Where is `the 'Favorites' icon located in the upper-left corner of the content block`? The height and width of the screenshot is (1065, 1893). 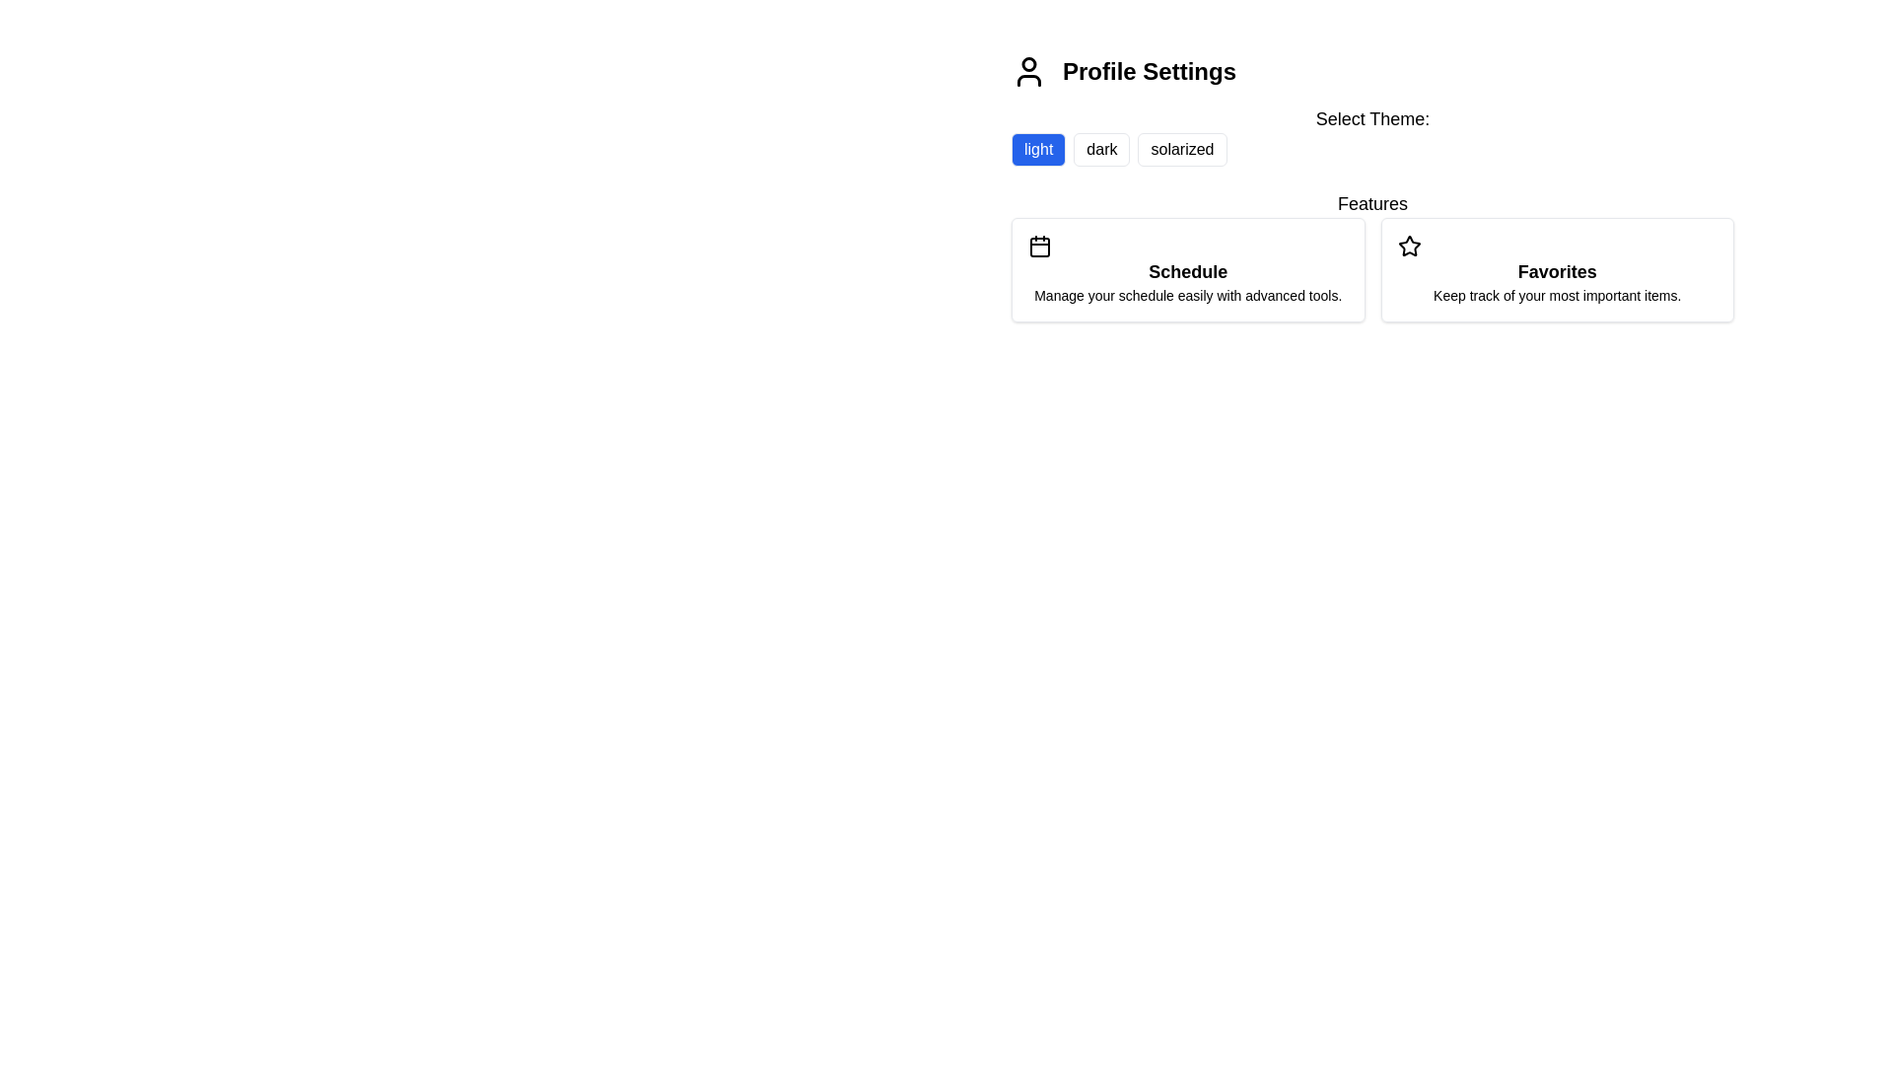 the 'Favorites' icon located in the upper-left corner of the content block is located at coordinates (1408, 246).